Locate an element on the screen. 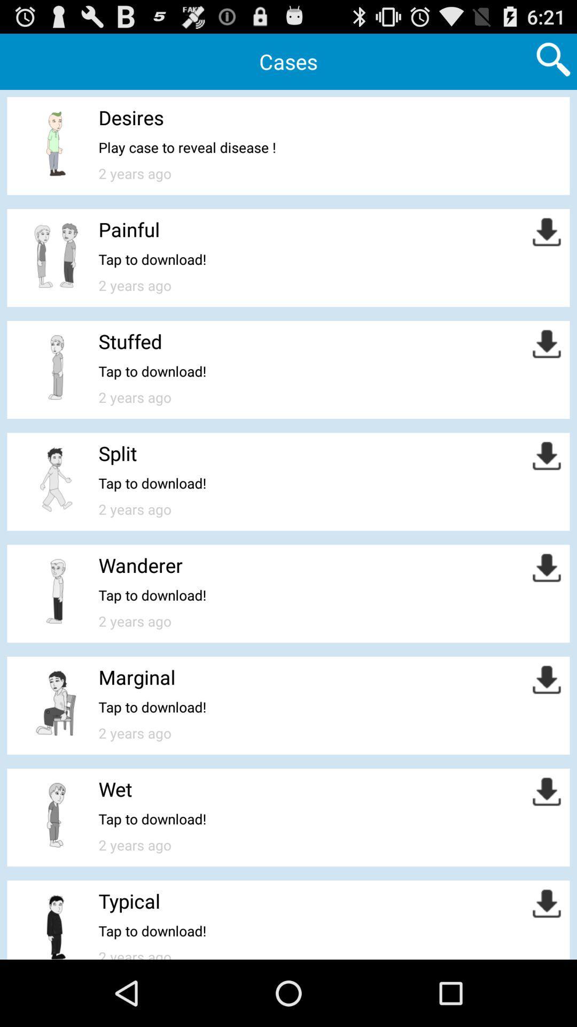 The height and width of the screenshot is (1027, 577). typical app is located at coordinates (129, 900).